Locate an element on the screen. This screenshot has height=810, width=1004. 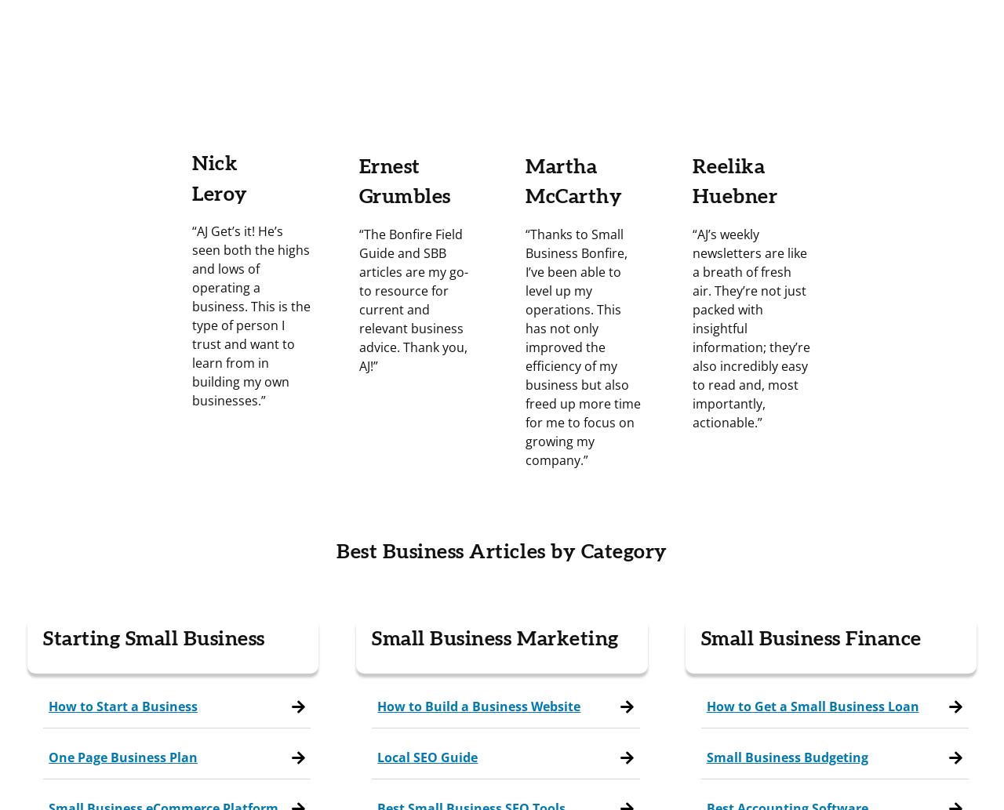
'Local SEO Guide' is located at coordinates (377, 756).